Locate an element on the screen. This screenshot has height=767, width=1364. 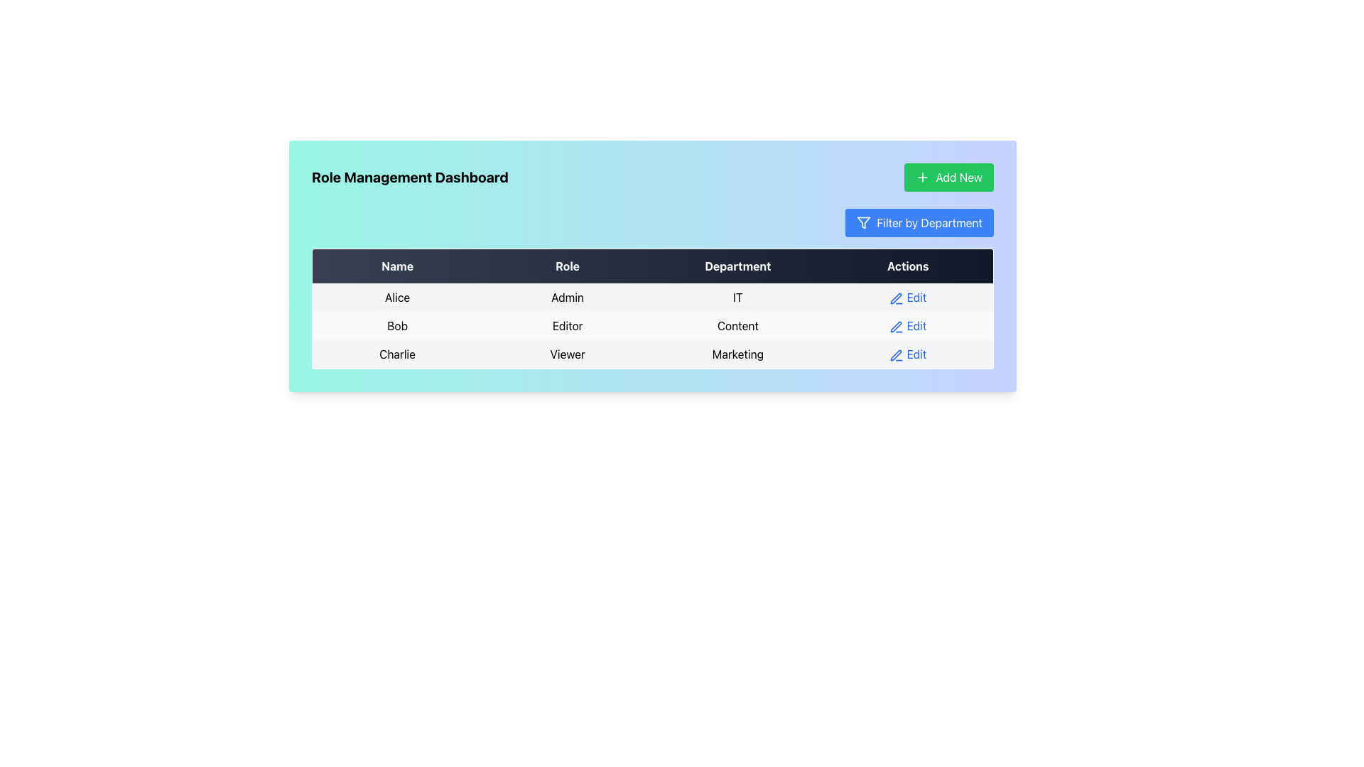
the 'Edit' hyperlink styled as a UI action button in the 'Actions' column of the first row under the 'Role Management Dashboard' table to begin editing is located at coordinates (906, 297).